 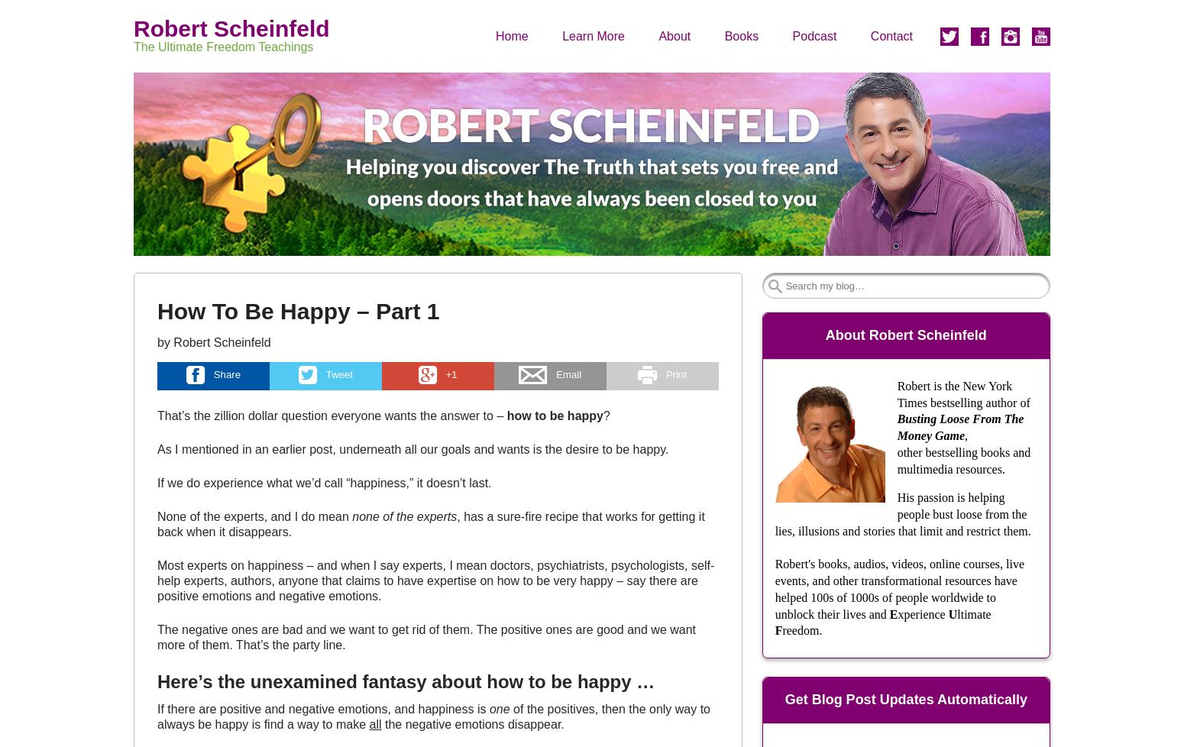 I want to click on 'Books', so click(x=723, y=35).